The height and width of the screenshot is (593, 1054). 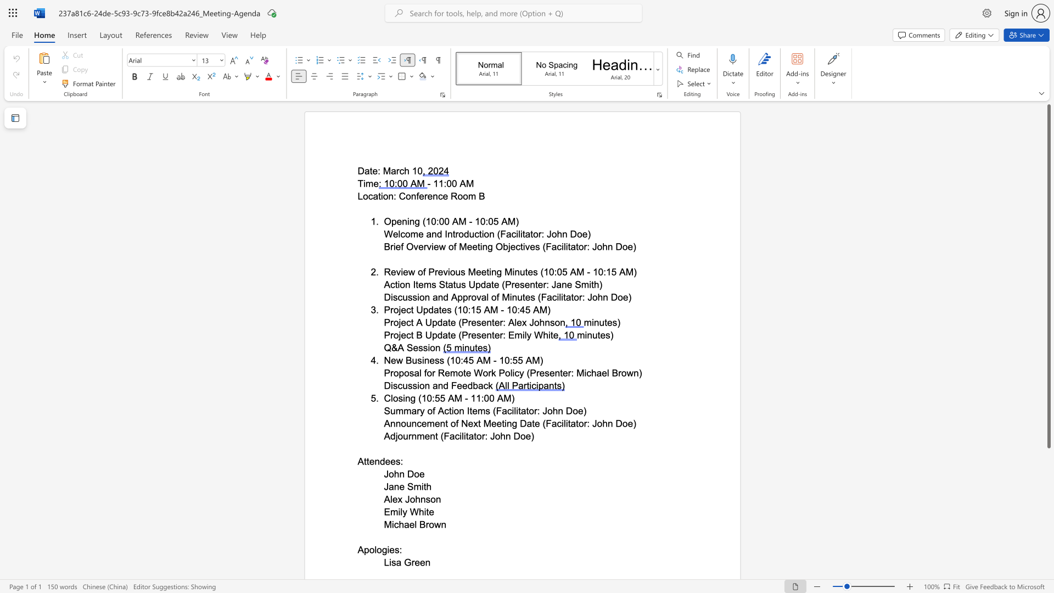 I want to click on the 1th character "f" in the text, so click(x=433, y=411).